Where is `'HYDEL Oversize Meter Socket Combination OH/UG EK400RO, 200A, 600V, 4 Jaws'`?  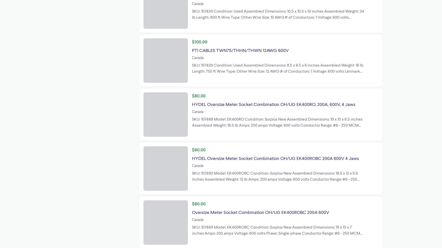
'HYDEL Oversize Meter Socket Combination OH/UG EK400RO, 200A, 600V, 4 Jaws' is located at coordinates (274, 103).